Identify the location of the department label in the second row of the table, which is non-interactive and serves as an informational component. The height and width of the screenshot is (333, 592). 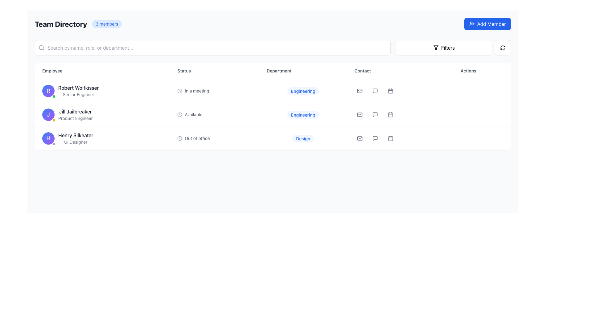
(303, 115).